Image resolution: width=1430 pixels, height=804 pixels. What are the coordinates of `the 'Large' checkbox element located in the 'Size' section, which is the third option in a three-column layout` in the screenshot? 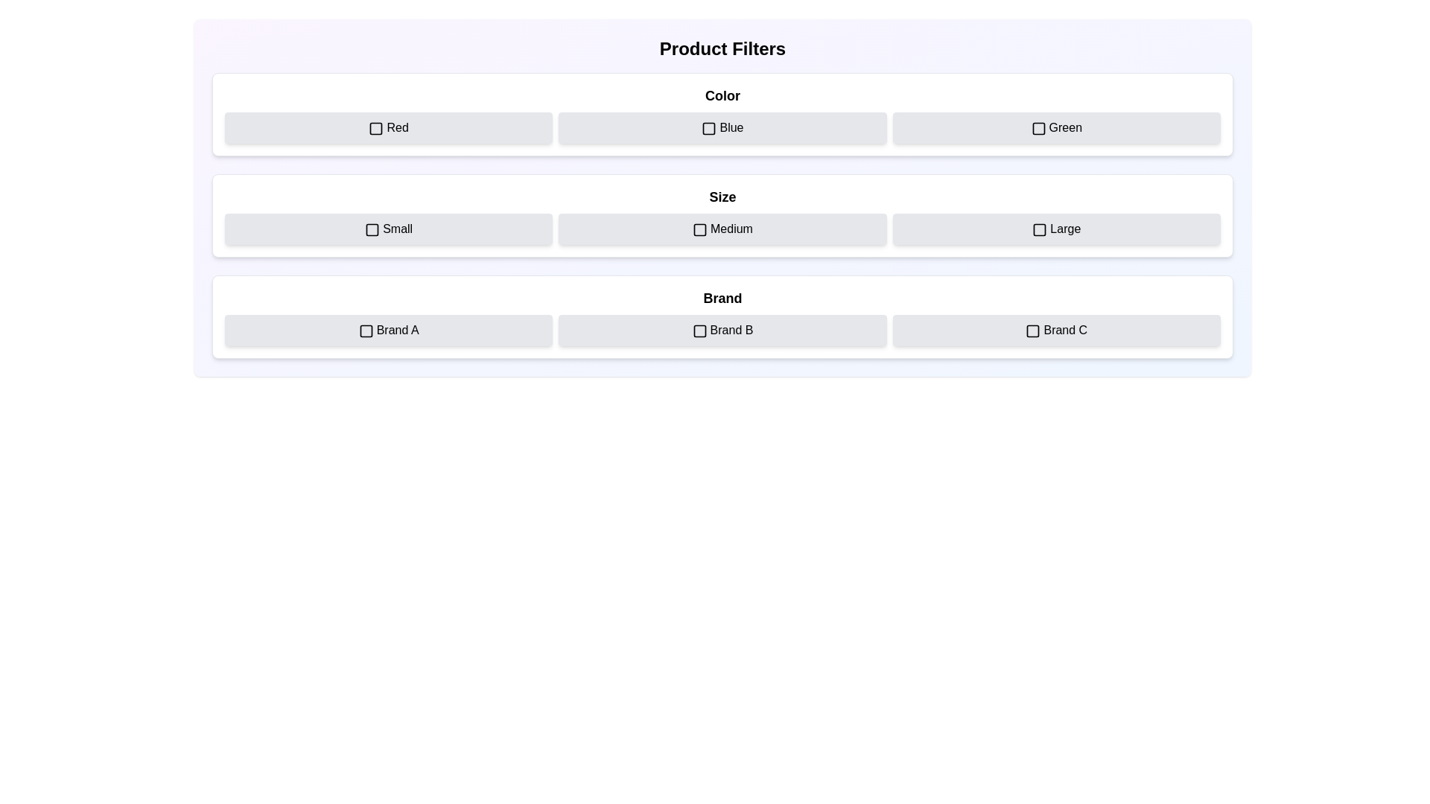 It's located at (1055, 229).